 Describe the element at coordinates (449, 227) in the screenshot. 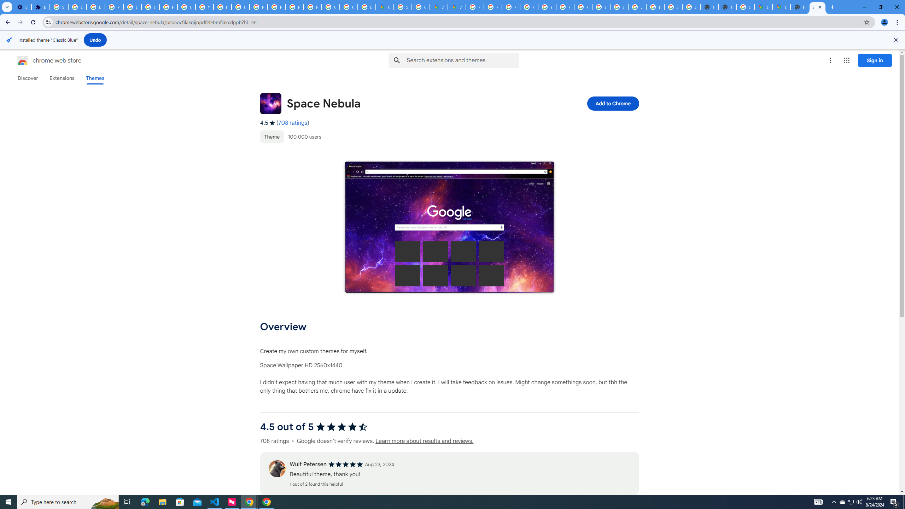

I see `'Item media 1 screenshot'` at that location.